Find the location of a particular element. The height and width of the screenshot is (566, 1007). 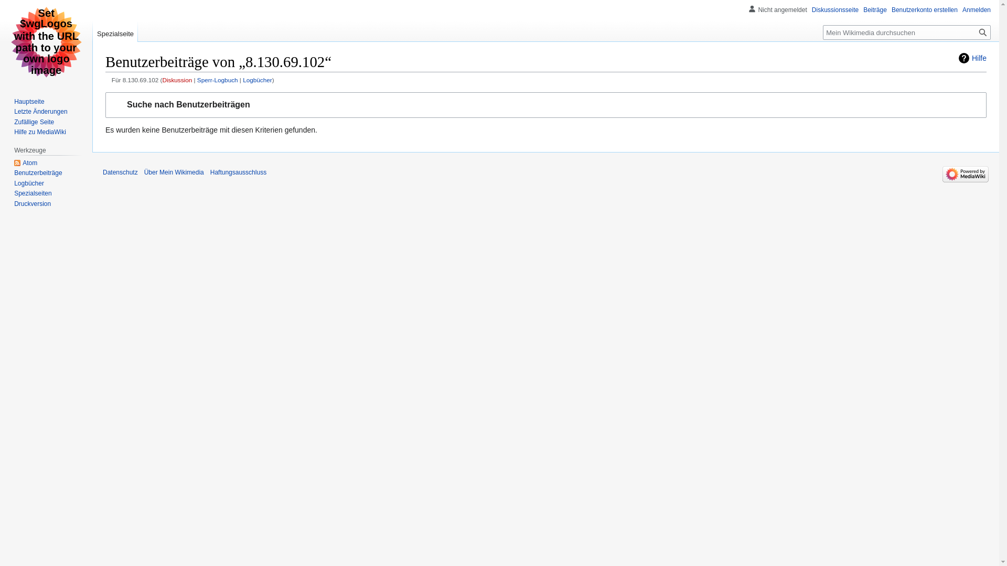

'Suche nach Seiten, die diesen Text enthalten' is located at coordinates (982, 31).